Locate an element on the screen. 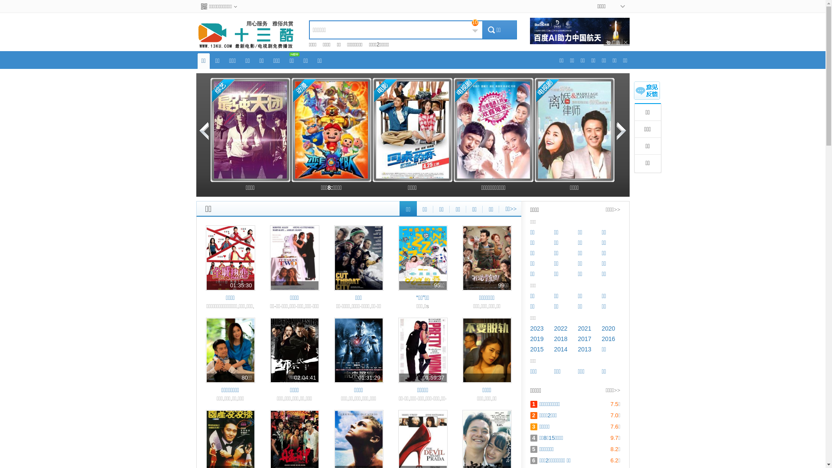 Image resolution: width=832 pixels, height=468 pixels. '2018' is located at coordinates (560, 338).